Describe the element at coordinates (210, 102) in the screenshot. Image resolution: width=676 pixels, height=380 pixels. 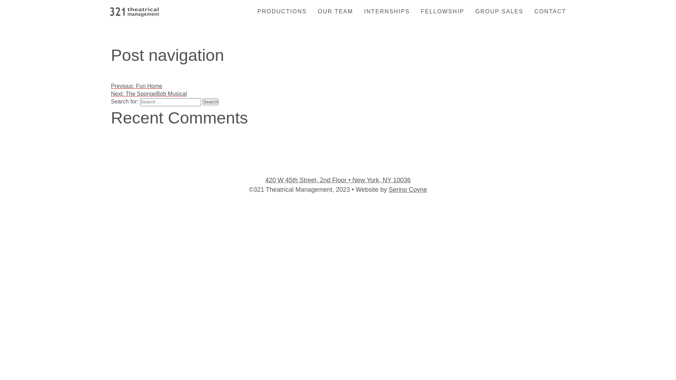
I see `'Search'` at that location.